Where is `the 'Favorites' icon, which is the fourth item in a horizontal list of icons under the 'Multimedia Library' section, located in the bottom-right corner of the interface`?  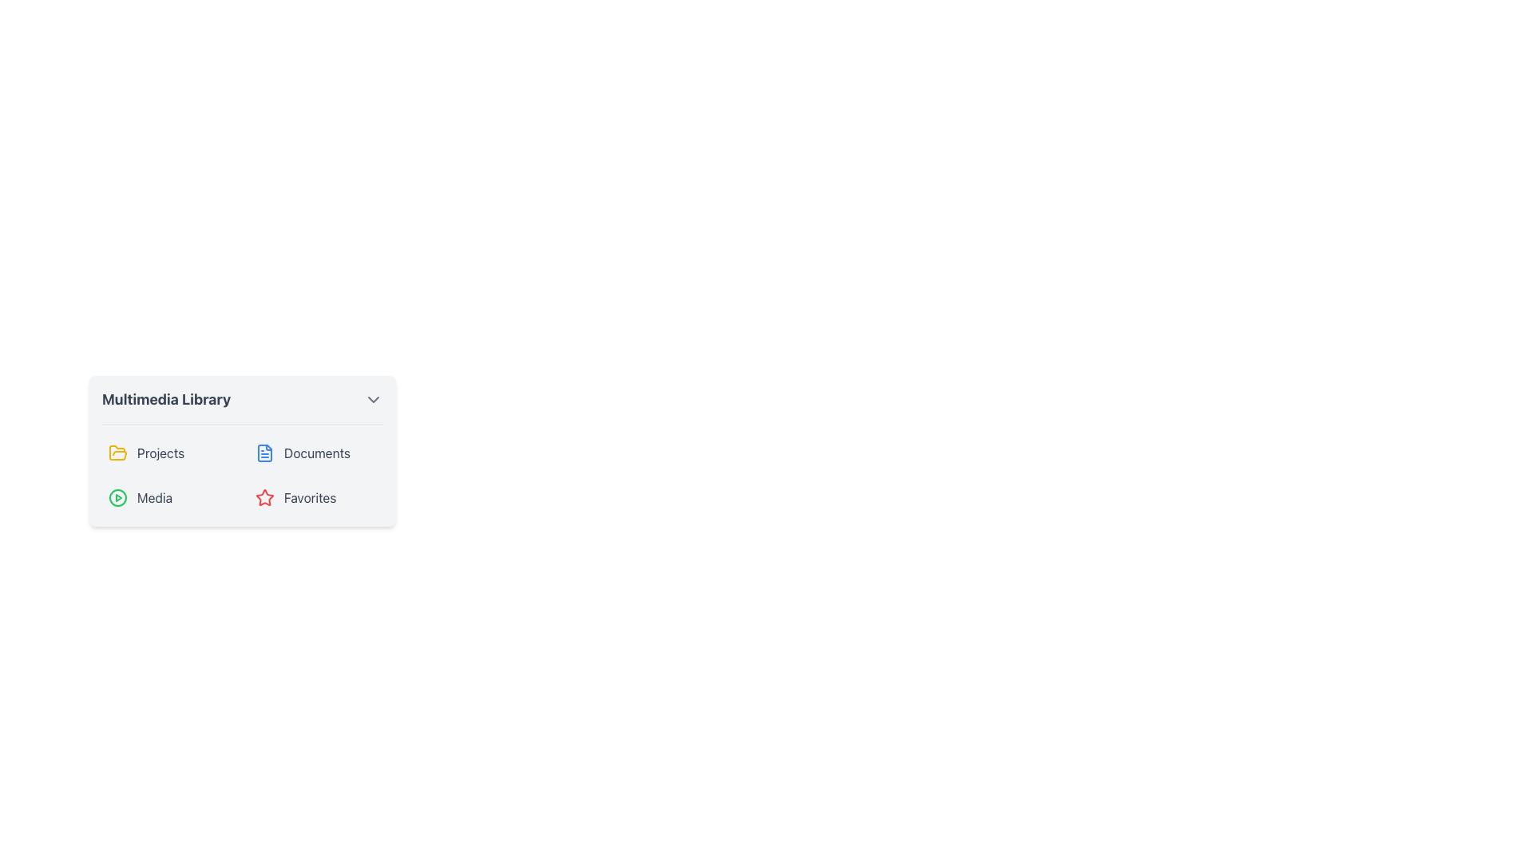
the 'Favorites' icon, which is the fourth item in a horizontal list of icons under the 'Multimedia Library' section, located in the bottom-right corner of the interface is located at coordinates (264, 496).